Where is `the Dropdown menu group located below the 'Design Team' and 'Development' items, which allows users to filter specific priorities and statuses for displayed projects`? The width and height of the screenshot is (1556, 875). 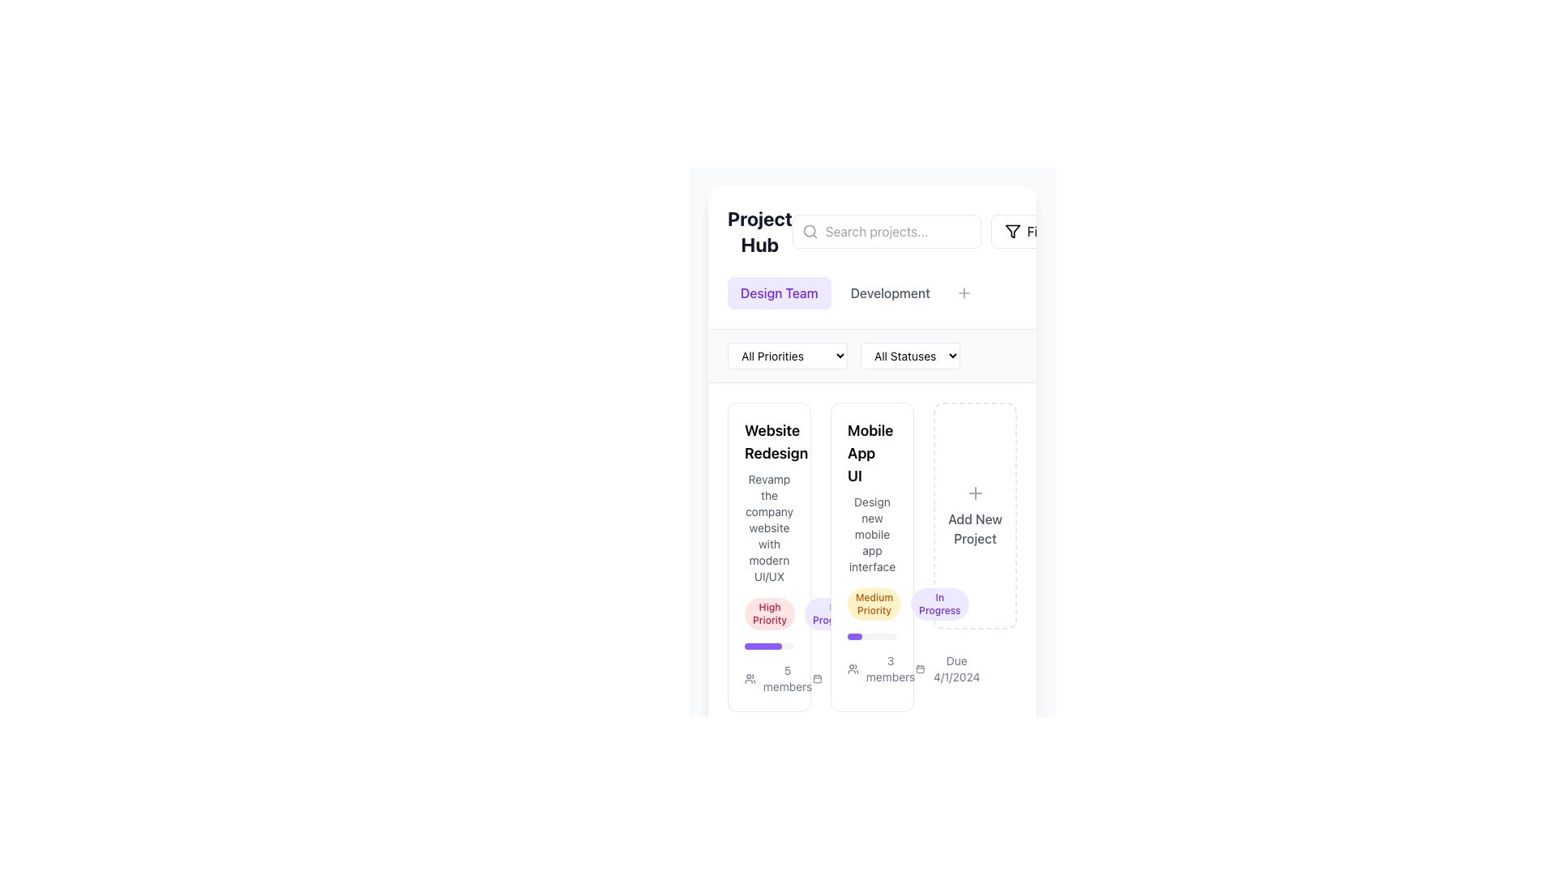 the Dropdown menu group located below the 'Design Team' and 'Development' items, which allows users to filter specific priorities and statuses for displayed projects is located at coordinates (871, 355).